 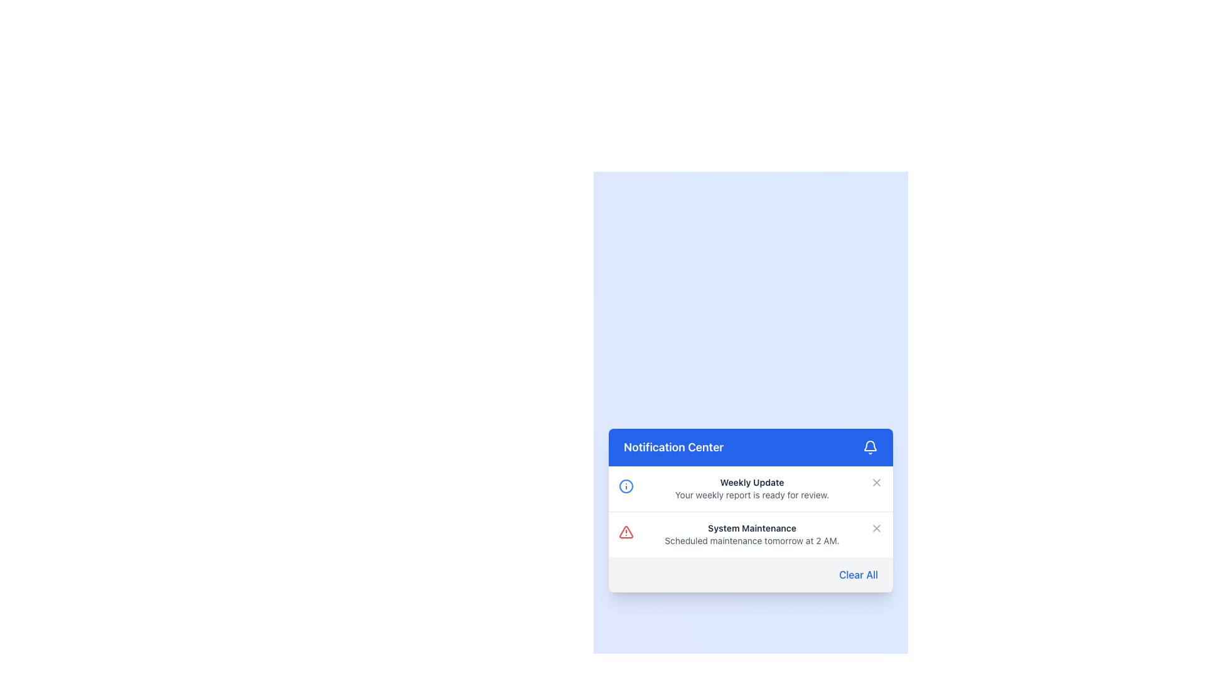 I want to click on the gray 'X' dismiss button located at the top-right corner of the notification box, so click(x=876, y=481).